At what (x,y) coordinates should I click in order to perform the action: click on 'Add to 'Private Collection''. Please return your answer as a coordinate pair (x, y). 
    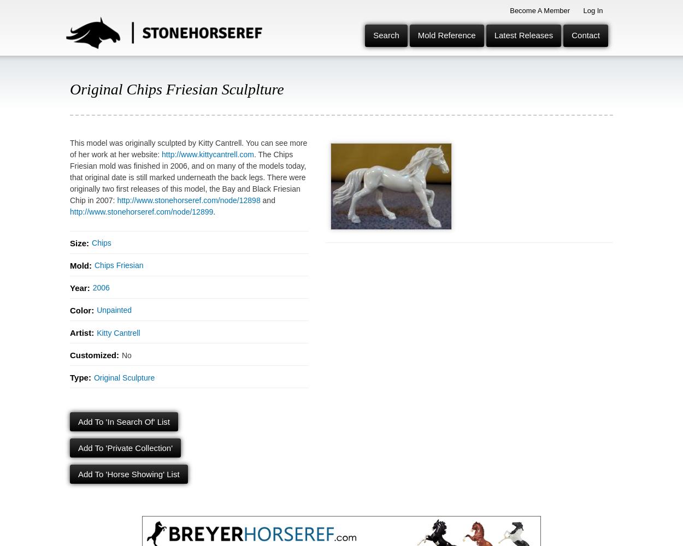
    Looking at the image, I should click on (125, 447).